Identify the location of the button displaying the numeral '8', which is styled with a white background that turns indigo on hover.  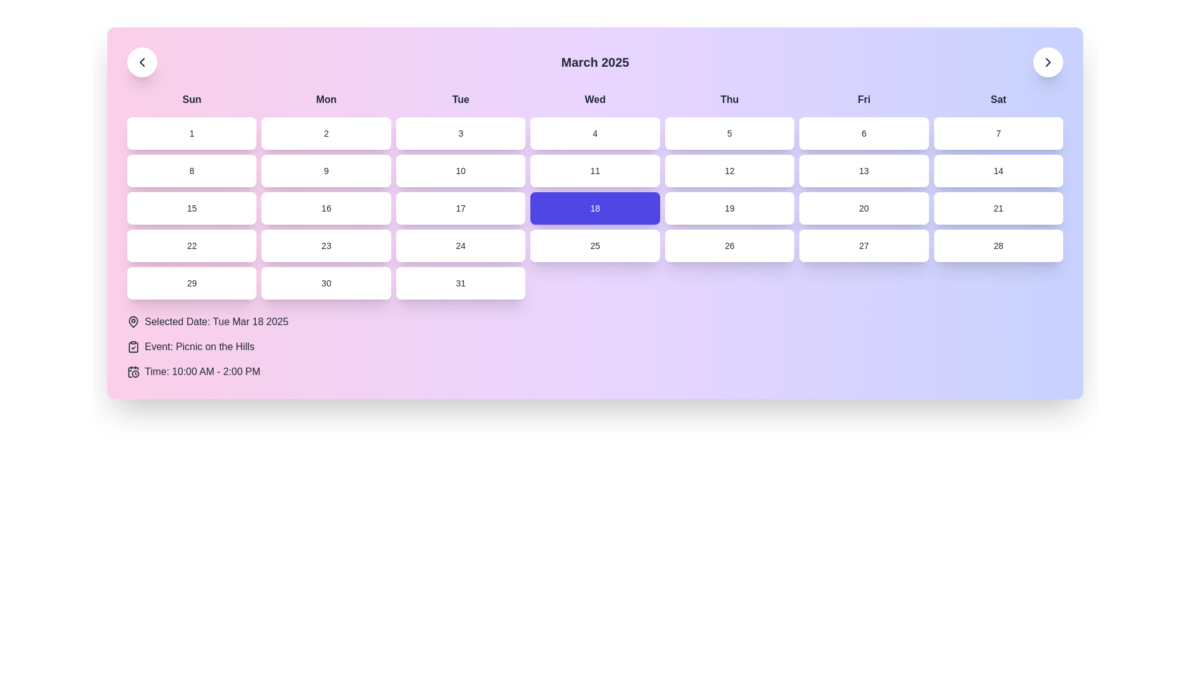
(191, 170).